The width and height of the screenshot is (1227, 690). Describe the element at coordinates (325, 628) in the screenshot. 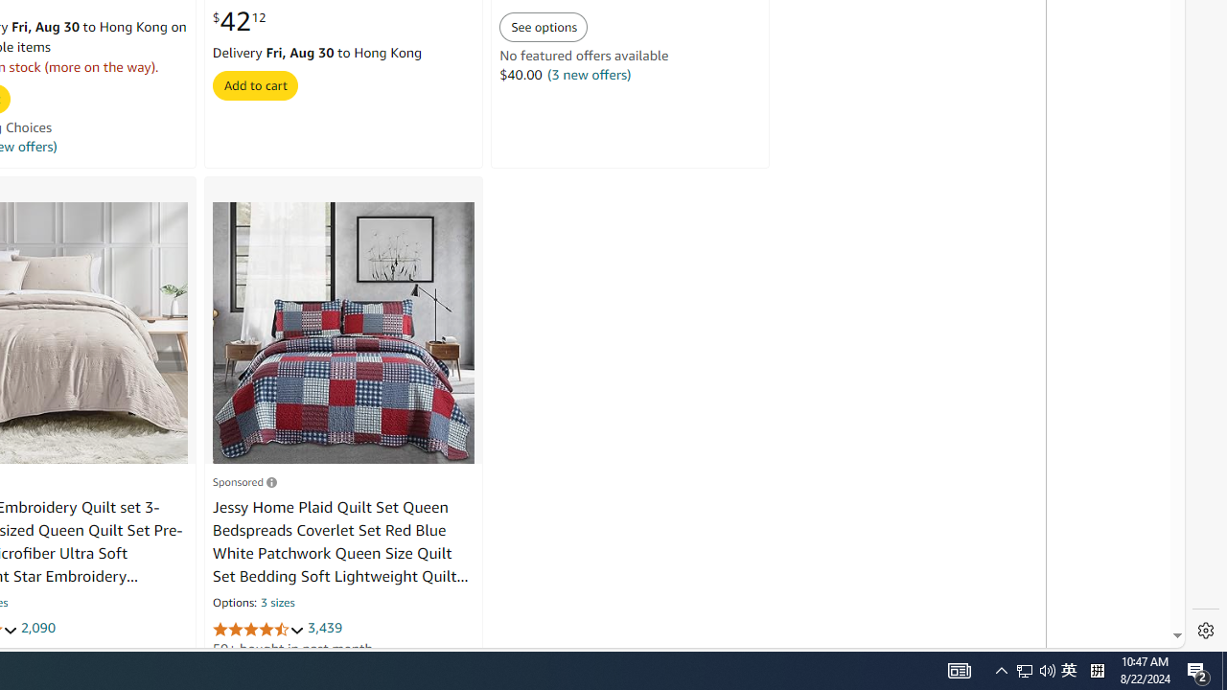

I see `'3,439'` at that location.